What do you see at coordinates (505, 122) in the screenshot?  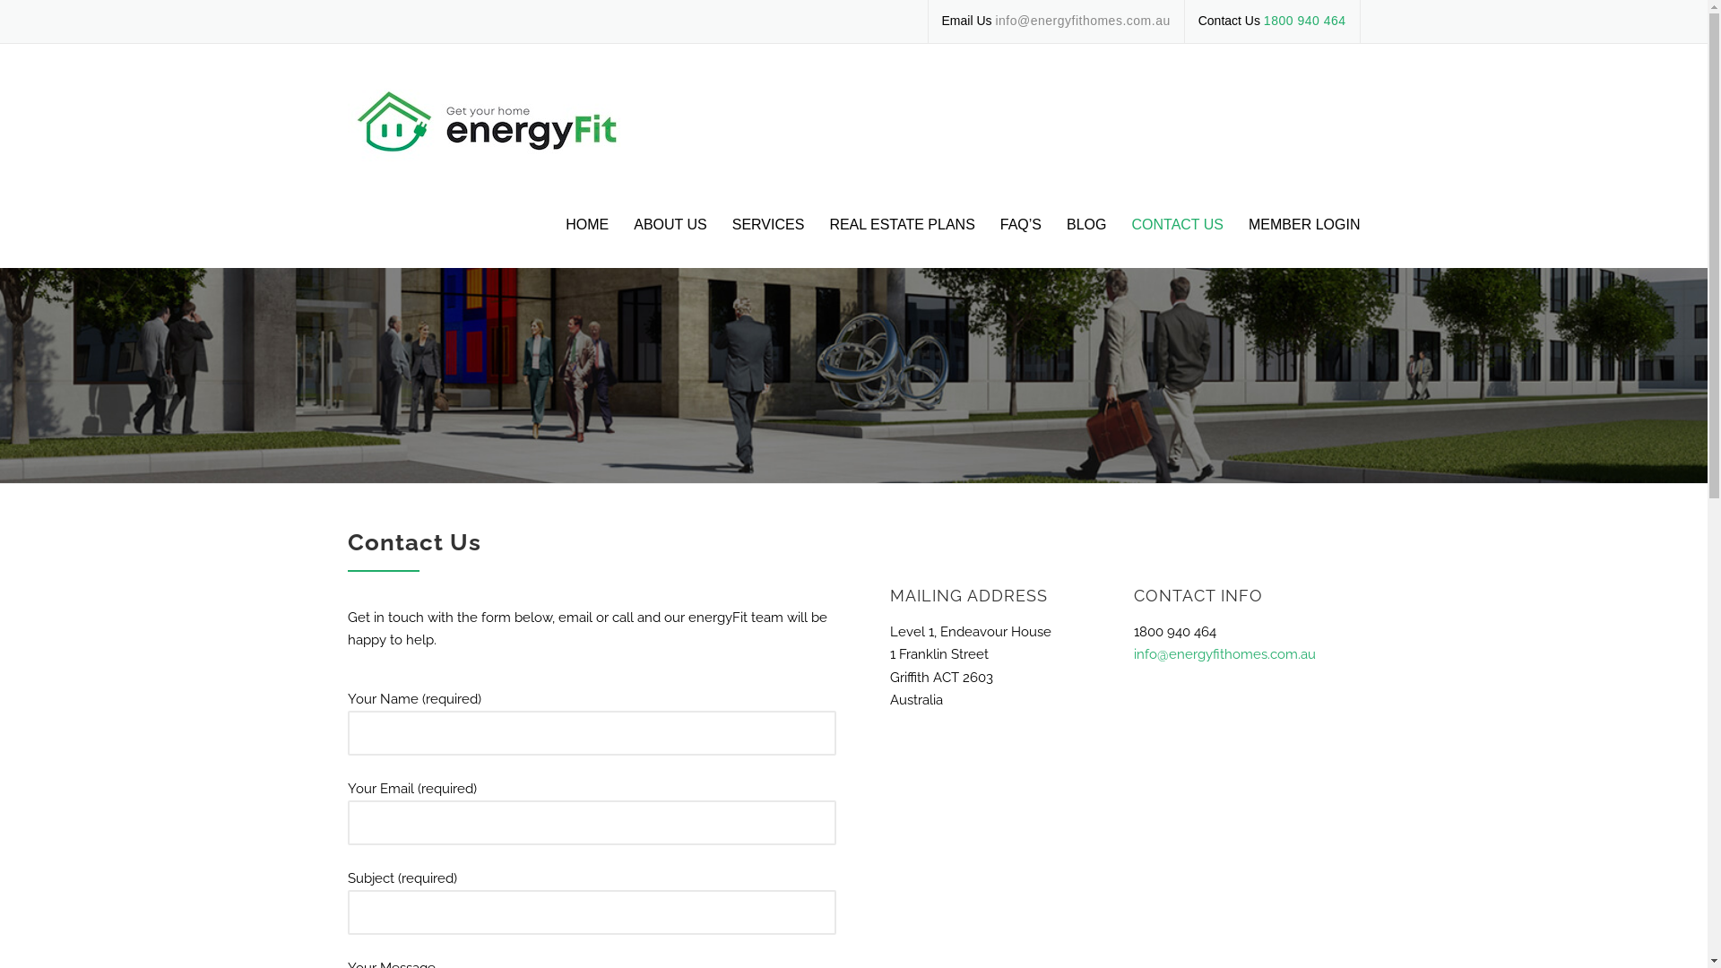 I see `'EnergyFit Homes'` at bounding box center [505, 122].